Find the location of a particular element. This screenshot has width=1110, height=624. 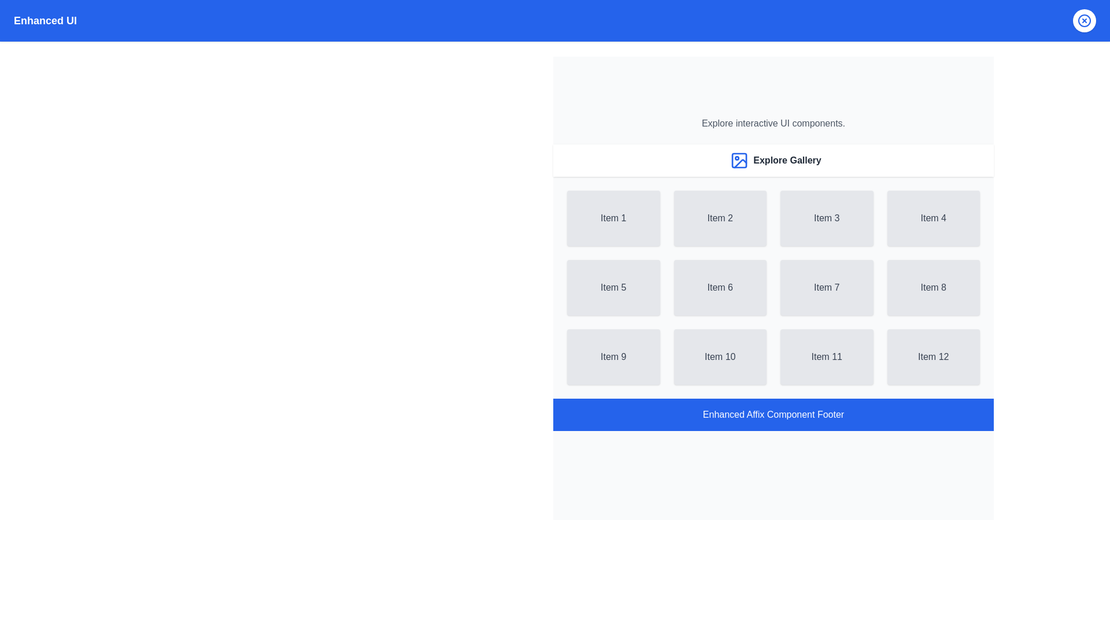

the second card in the grid layout, which has a light gray background and contains the label 'Item 2' is located at coordinates (719, 218).